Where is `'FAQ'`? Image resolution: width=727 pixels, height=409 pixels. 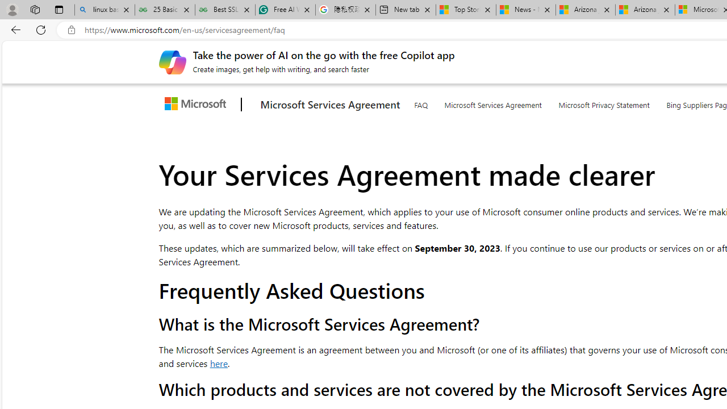 'FAQ' is located at coordinates (420, 103).